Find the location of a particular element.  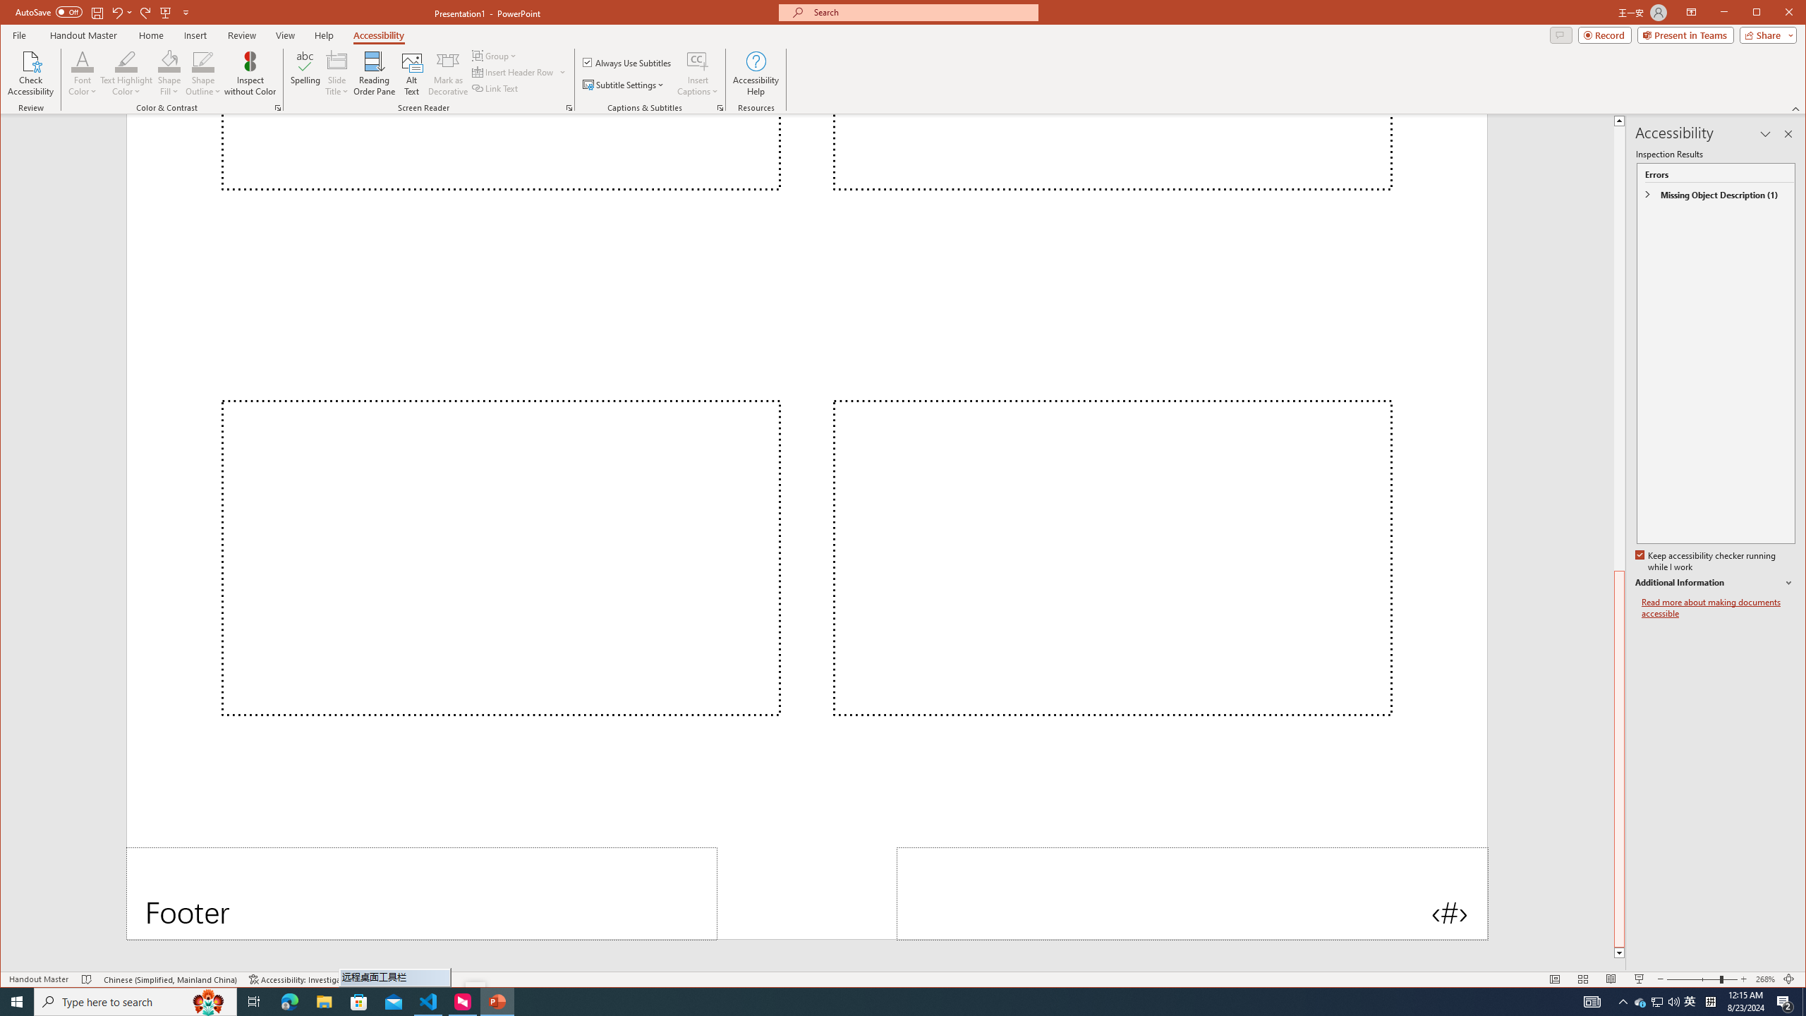

'Record' is located at coordinates (1604, 35).